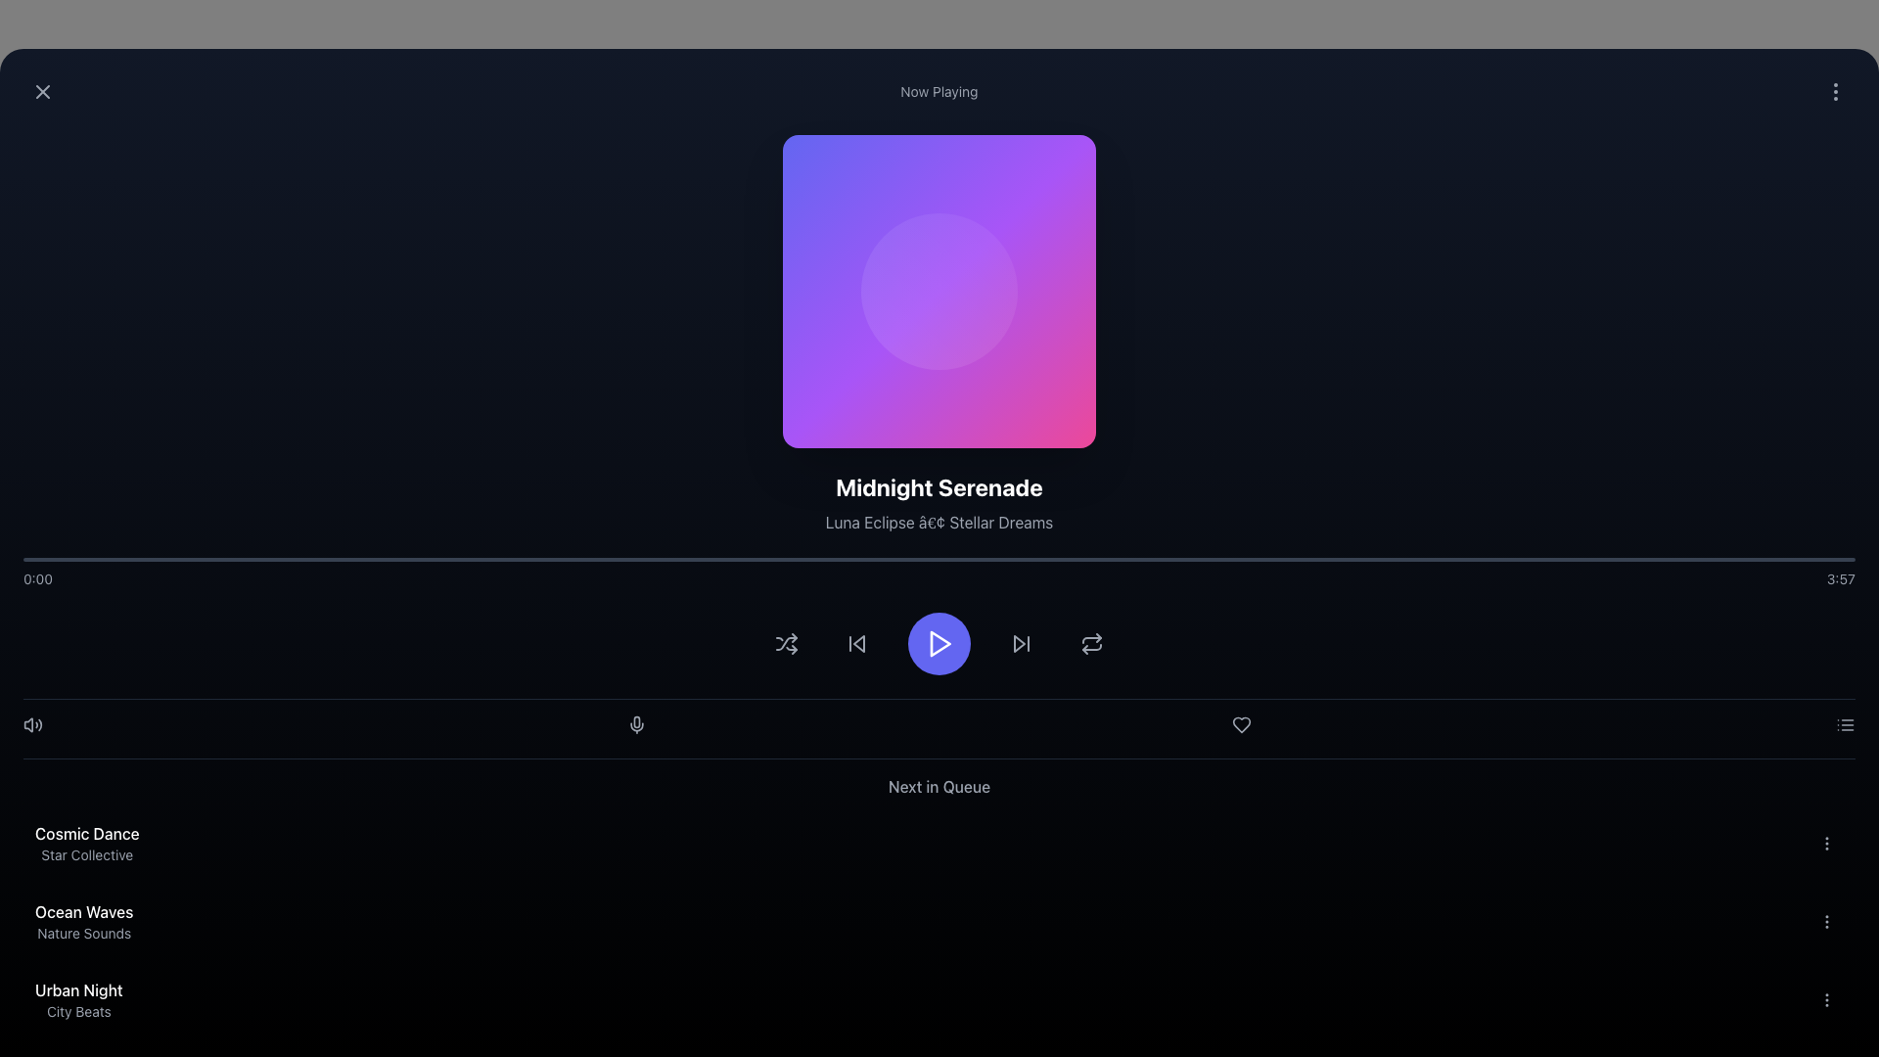  Describe the element at coordinates (939, 521) in the screenshot. I see `the text label saying 'Luna Eclipse • Stellar Dreams', which is styled in gray and located directly beneath the 'Midnight Serenade' title` at that location.